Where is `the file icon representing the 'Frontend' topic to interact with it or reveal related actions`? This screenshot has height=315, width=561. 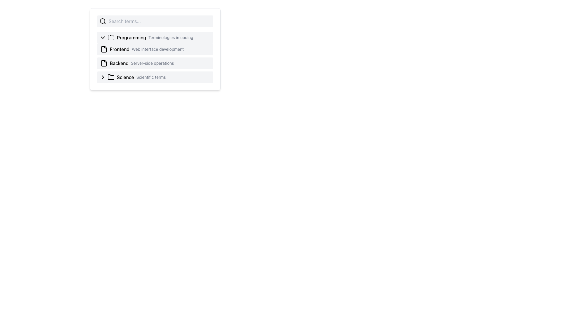 the file icon representing the 'Frontend' topic to interact with it or reveal related actions is located at coordinates (104, 49).